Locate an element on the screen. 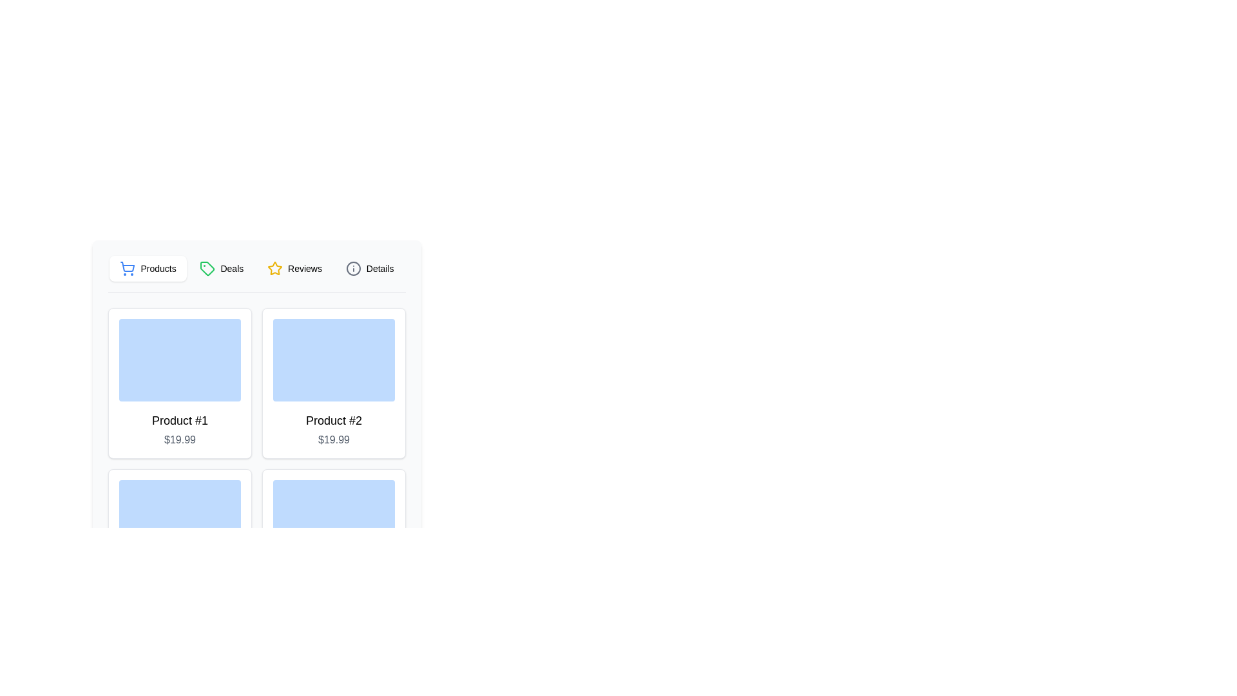 Image resolution: width=1237 pixels, height=696 pixels. the 'Deals' button on the navigation bar is located at coordinates (256, 273).